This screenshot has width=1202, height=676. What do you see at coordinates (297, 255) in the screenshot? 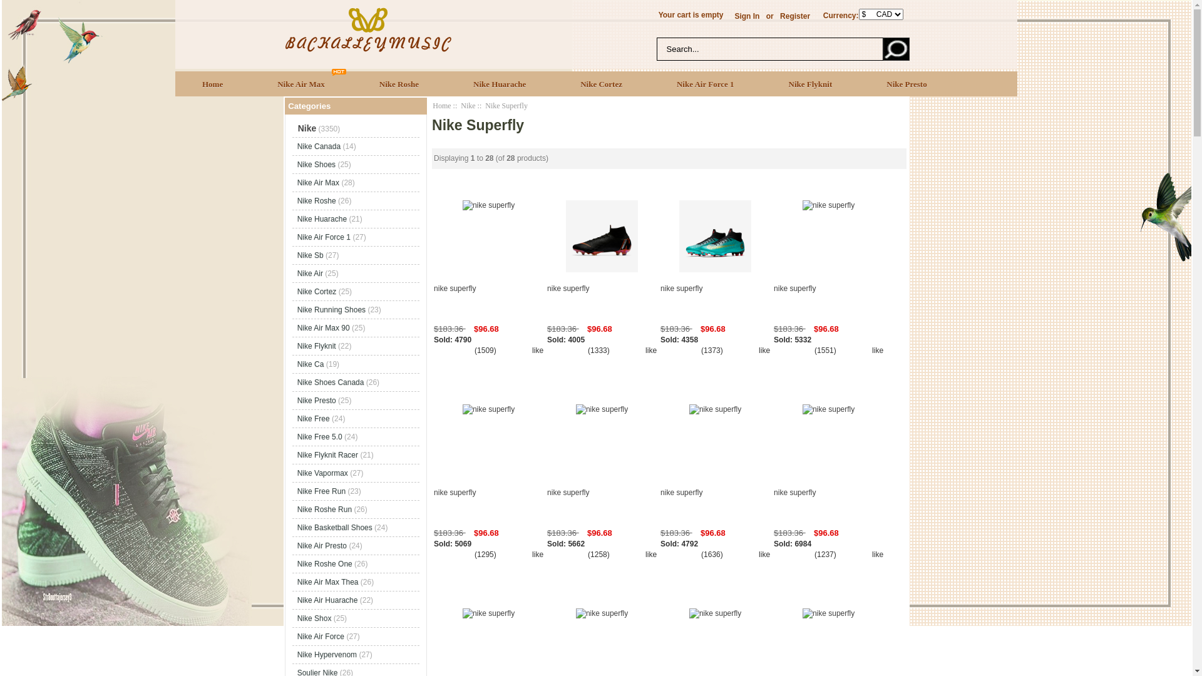
I see `'Nike Sb'` at bounding box center [297, 255].